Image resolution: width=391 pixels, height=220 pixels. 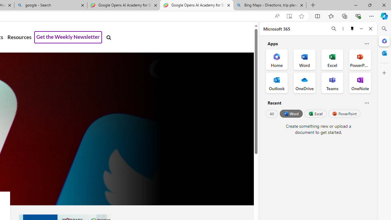 I want to click on 'New Tab', so click(x=313, y=5).